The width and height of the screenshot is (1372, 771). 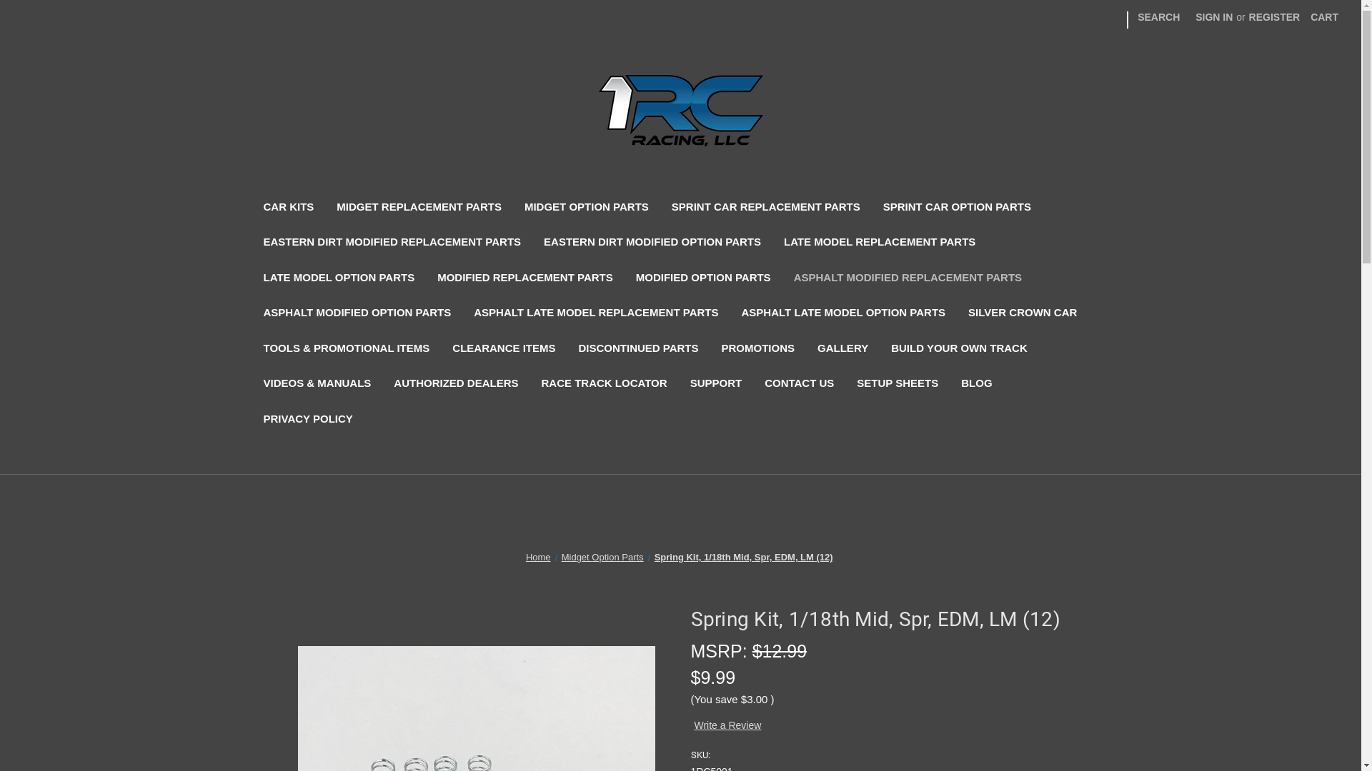 I want to click on 'LATE MODEL OPTION PARTS', so click(x=338, y=279).